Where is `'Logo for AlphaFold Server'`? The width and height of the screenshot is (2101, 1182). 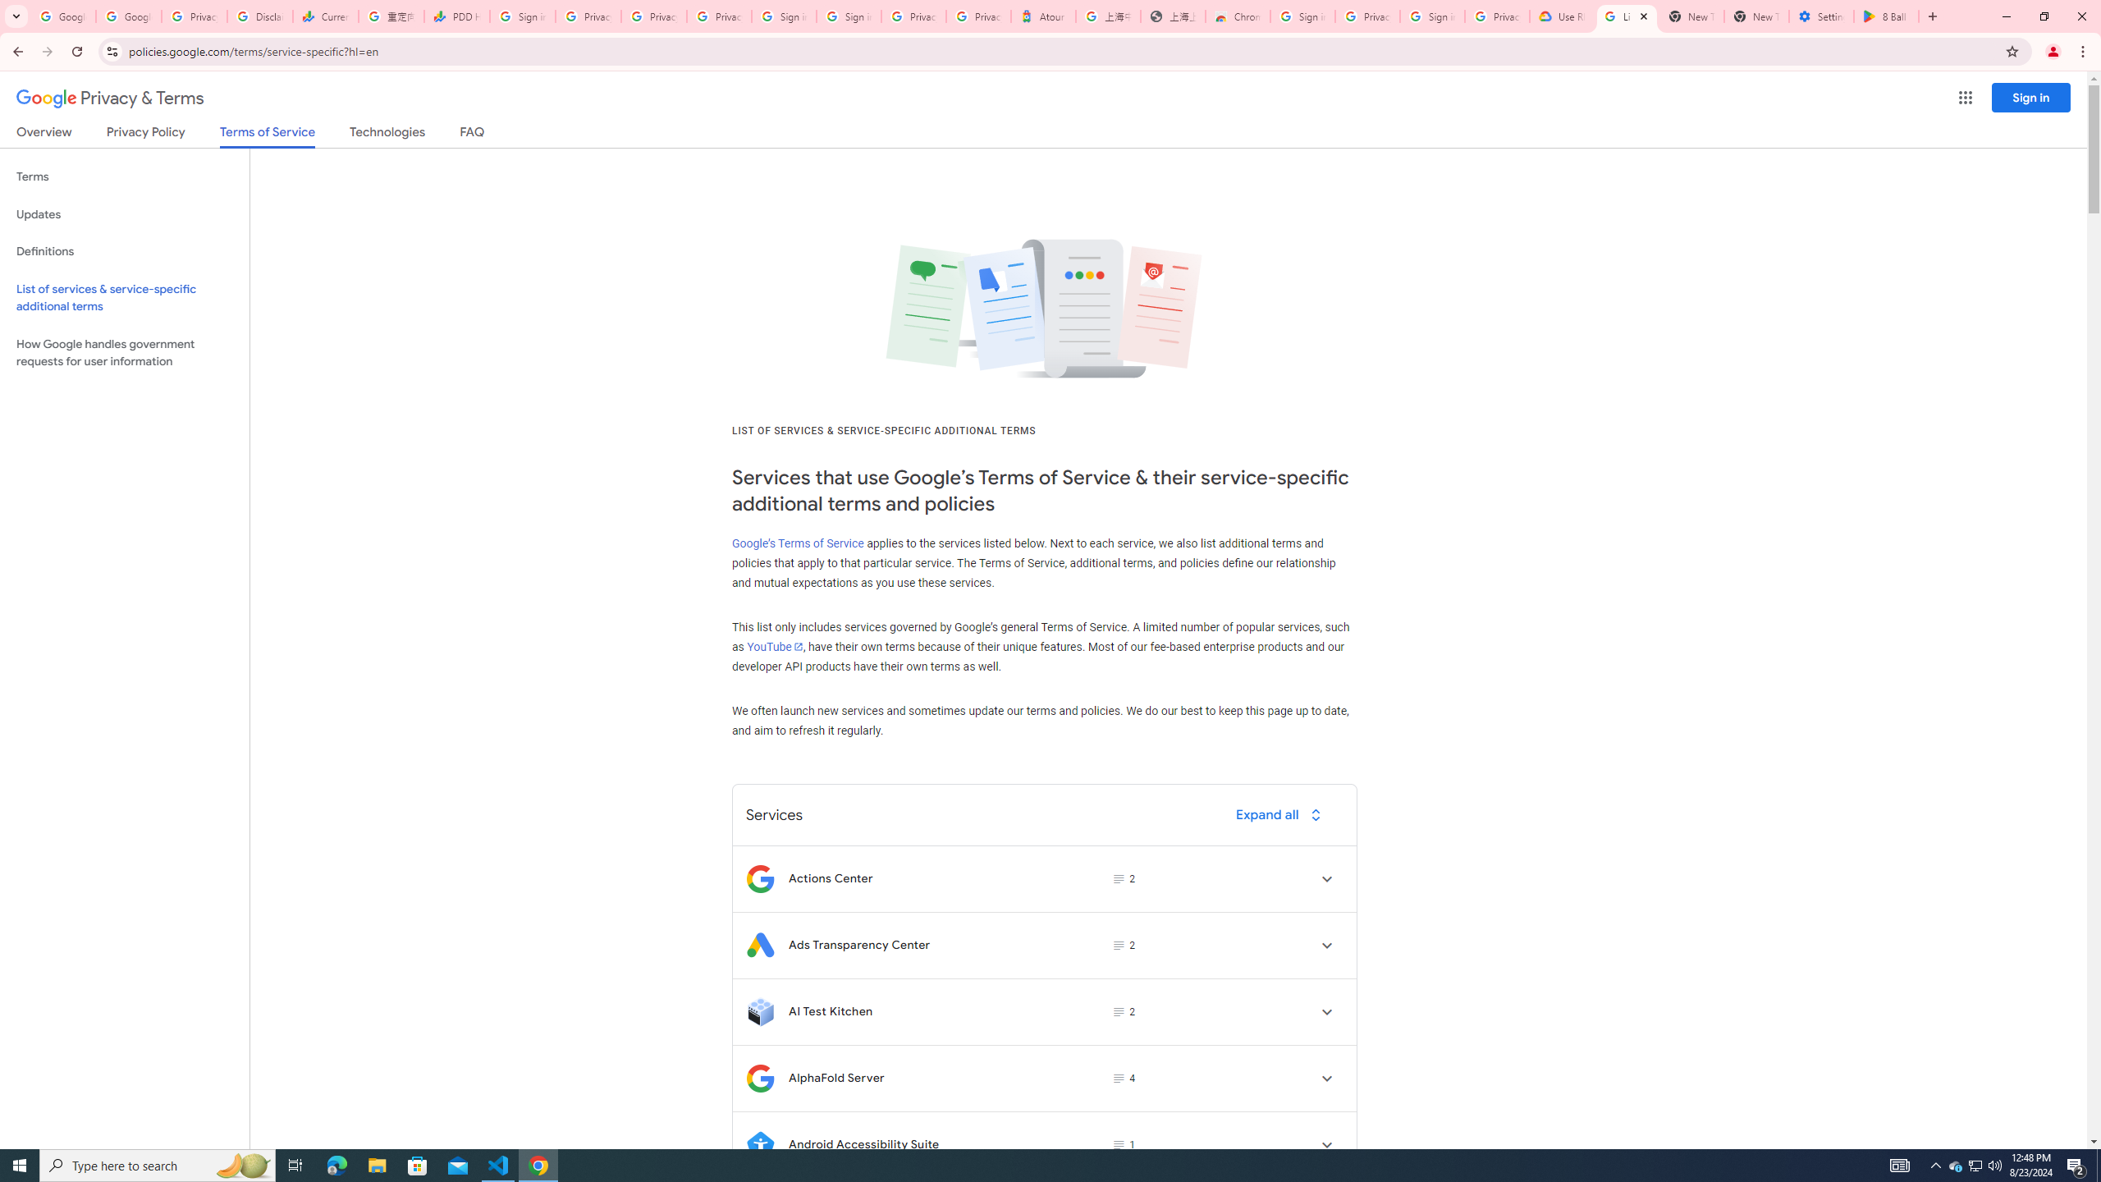 'Logo for AlphaFold Server' is located at coordinates (759, 1078).